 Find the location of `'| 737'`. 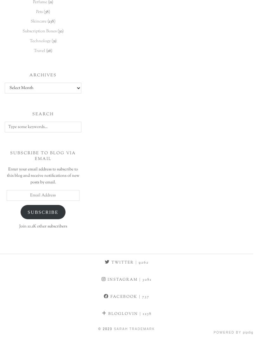

'| 737' is located at coordinates (143, 296).